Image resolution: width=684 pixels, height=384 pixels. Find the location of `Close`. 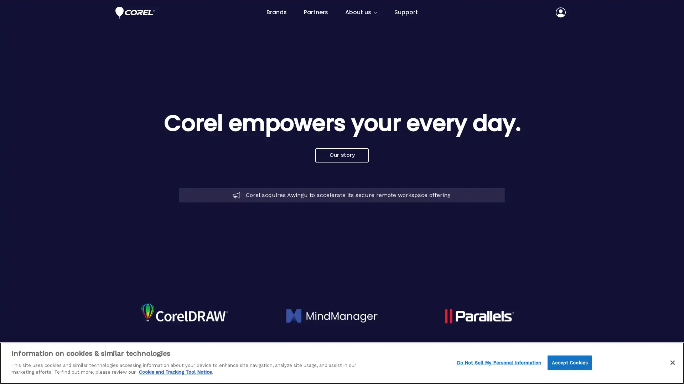

Close is located at coordinates (672, 362).